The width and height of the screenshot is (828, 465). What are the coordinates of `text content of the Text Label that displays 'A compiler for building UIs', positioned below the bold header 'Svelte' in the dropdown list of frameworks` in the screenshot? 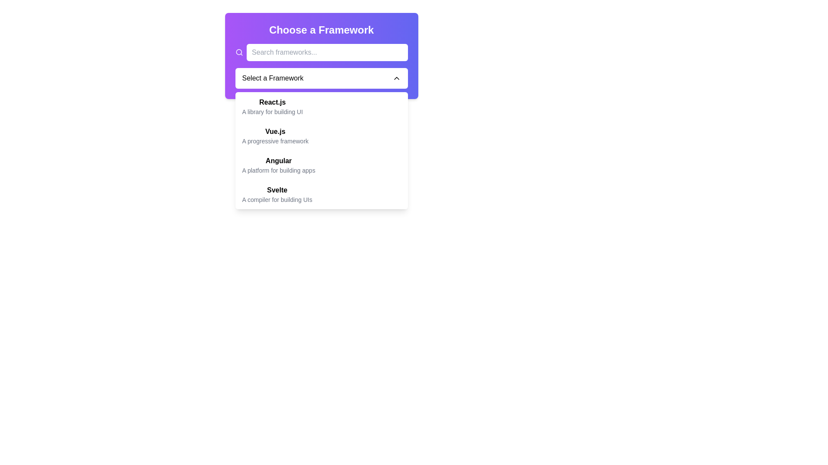 It's located at (277, 199).